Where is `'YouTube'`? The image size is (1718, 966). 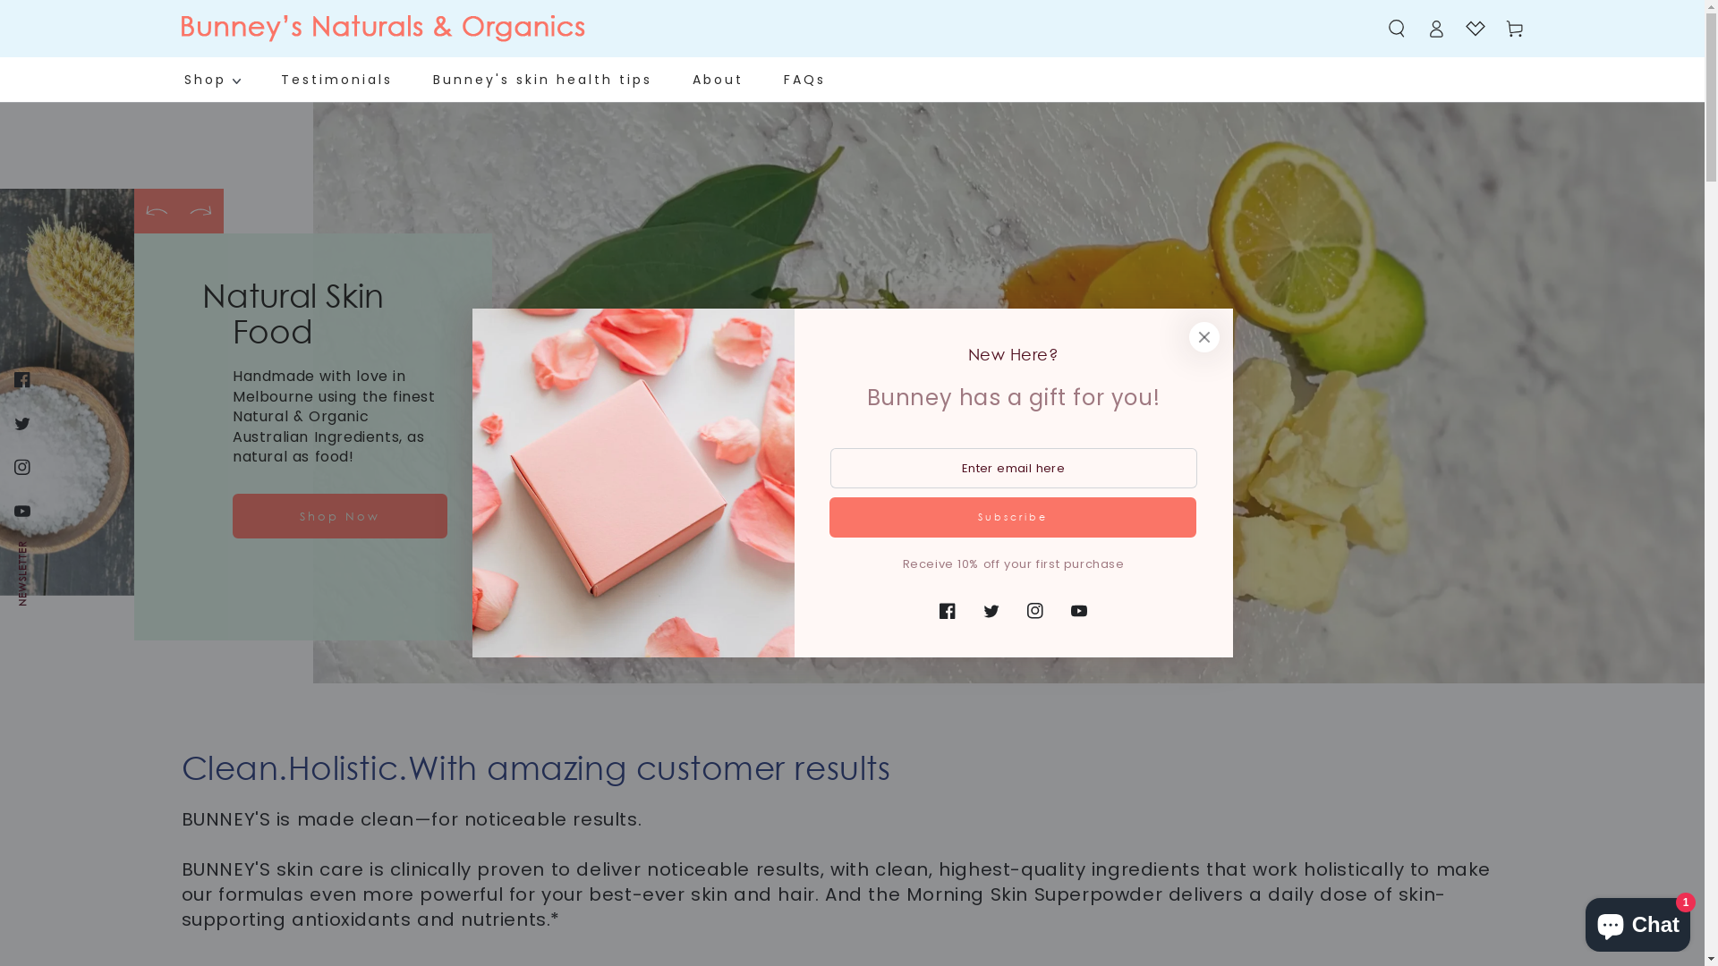 'YouTube' is located at coordinates (21, 511).